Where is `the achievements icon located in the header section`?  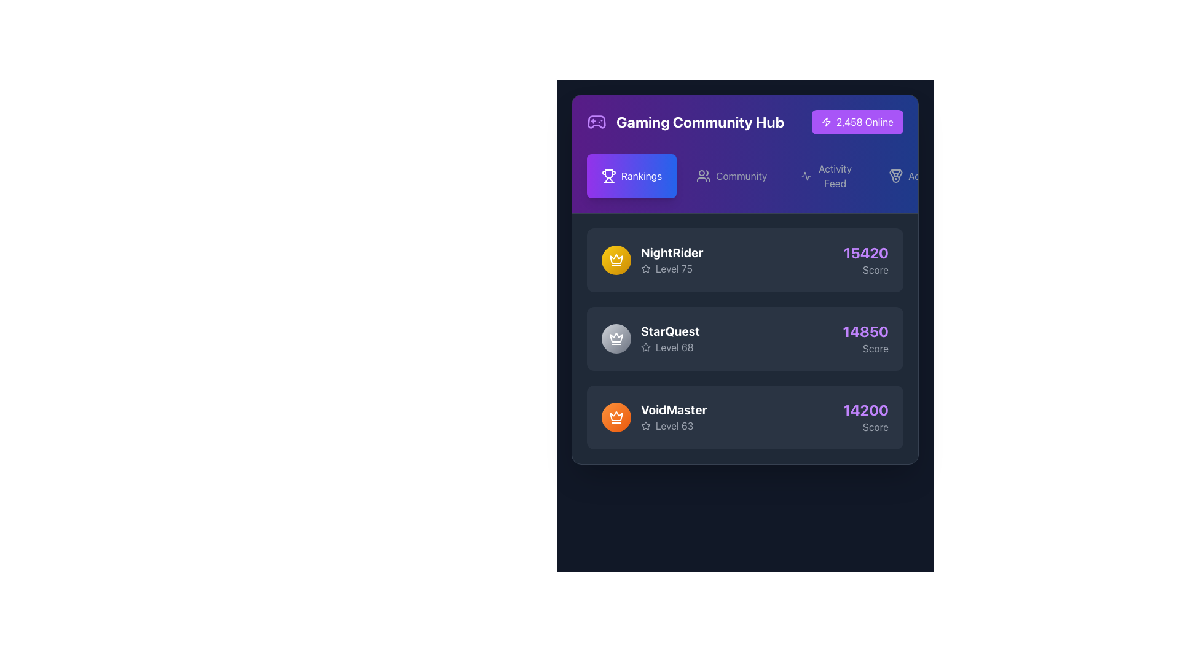
the achievements icon located in the header section is located at coordinates (896, 176).